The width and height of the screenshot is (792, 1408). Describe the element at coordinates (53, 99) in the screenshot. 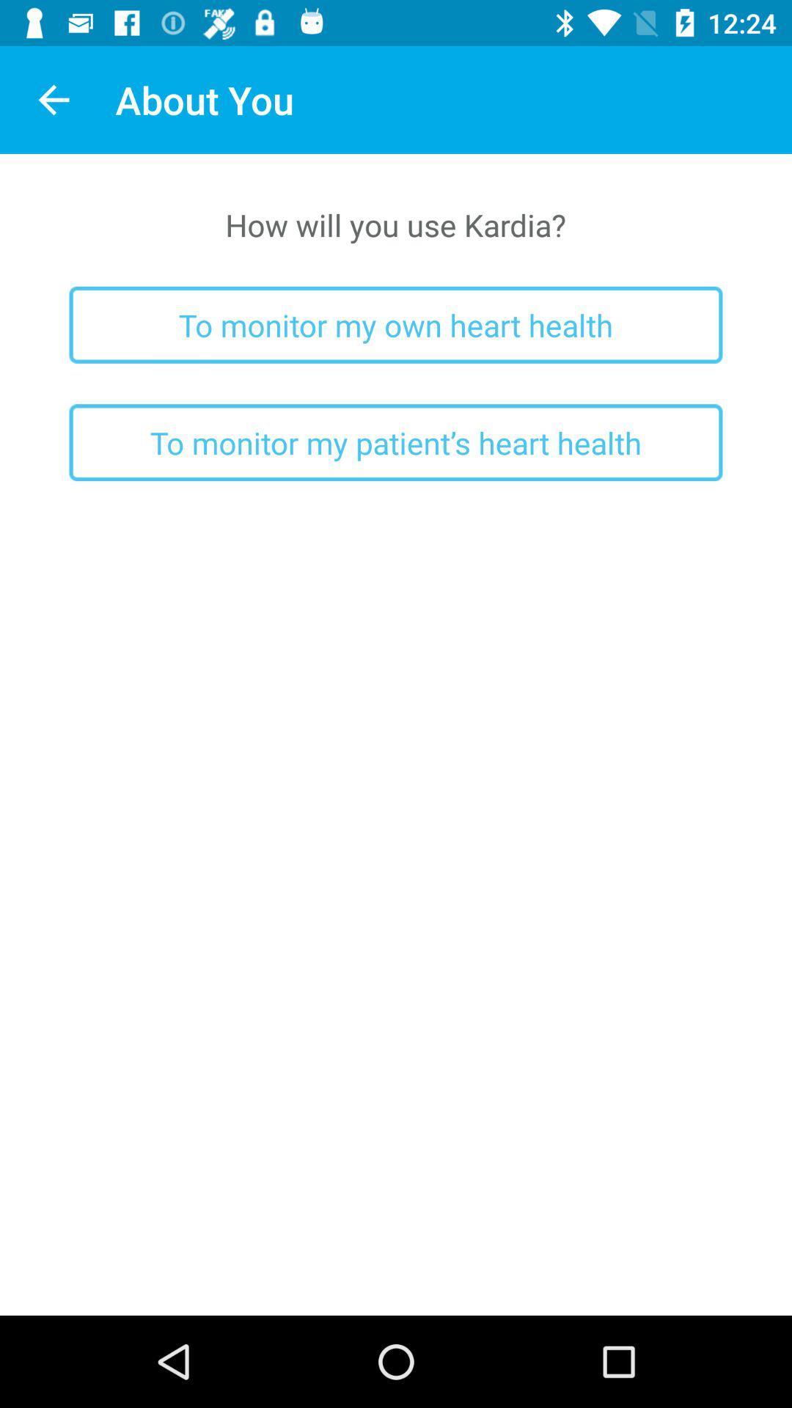

I see `icon to the left of the about you app` at that location.